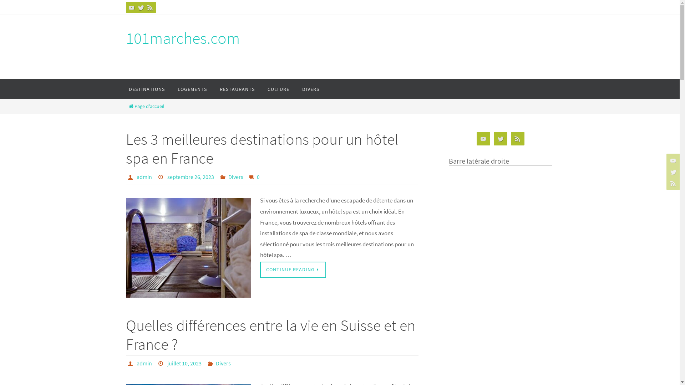  I want to click on 'Divers', so click(236, 176).